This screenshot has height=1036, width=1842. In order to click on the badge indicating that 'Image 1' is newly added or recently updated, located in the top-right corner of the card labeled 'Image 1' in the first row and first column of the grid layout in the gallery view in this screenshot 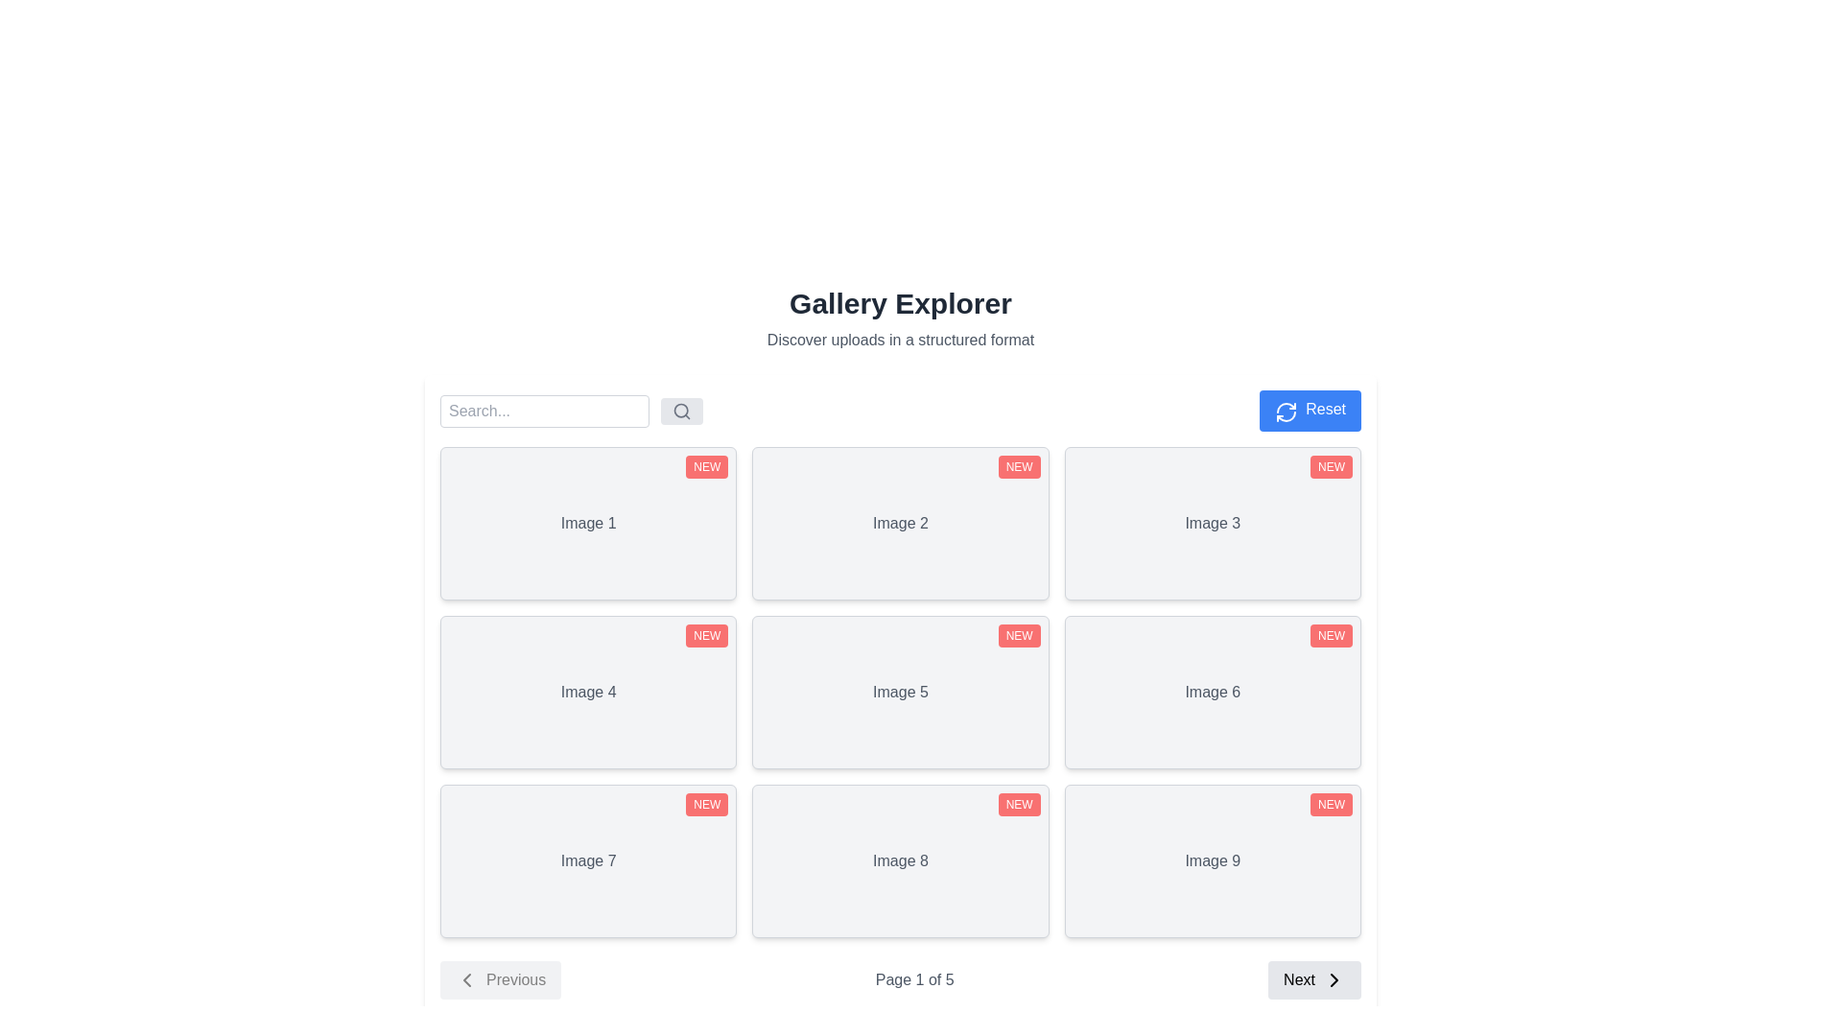, I will do `click(706, 466)`.